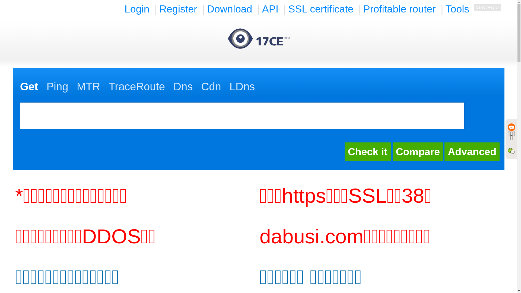 The height and width of the screenshot is (293, 521). Describe the element at coordinates (260, 9) in the screenshot. I see `'API'` at that location.